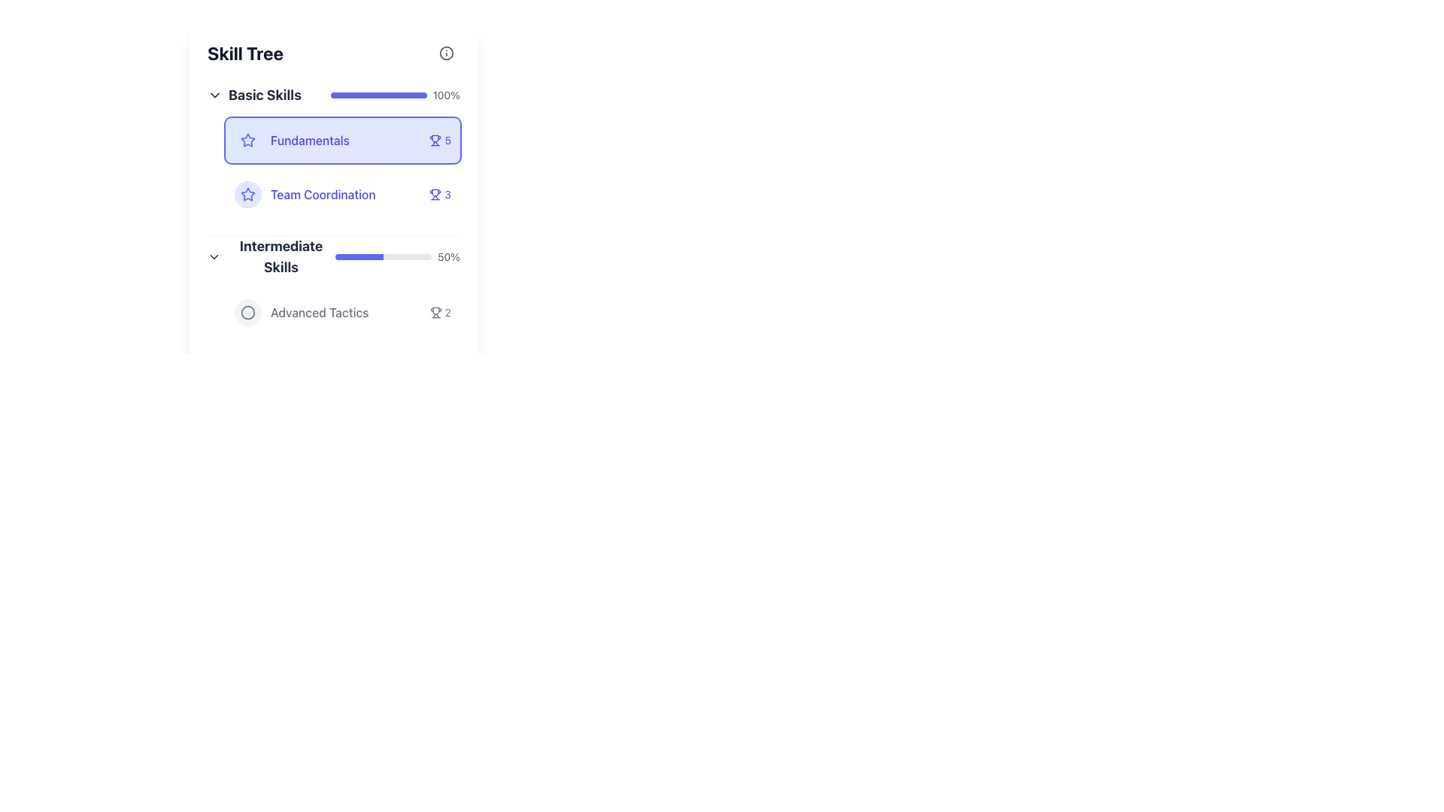 The height and width of the screenshot is (812, 1444). Describe the element at coordinates (333, 95) in the screenshot. I see `the 'Basic Skills' progress tracker element, which features a bold text label and a blue progress bar filled to 100%, located in the 'Skill Tree' section` at that location.